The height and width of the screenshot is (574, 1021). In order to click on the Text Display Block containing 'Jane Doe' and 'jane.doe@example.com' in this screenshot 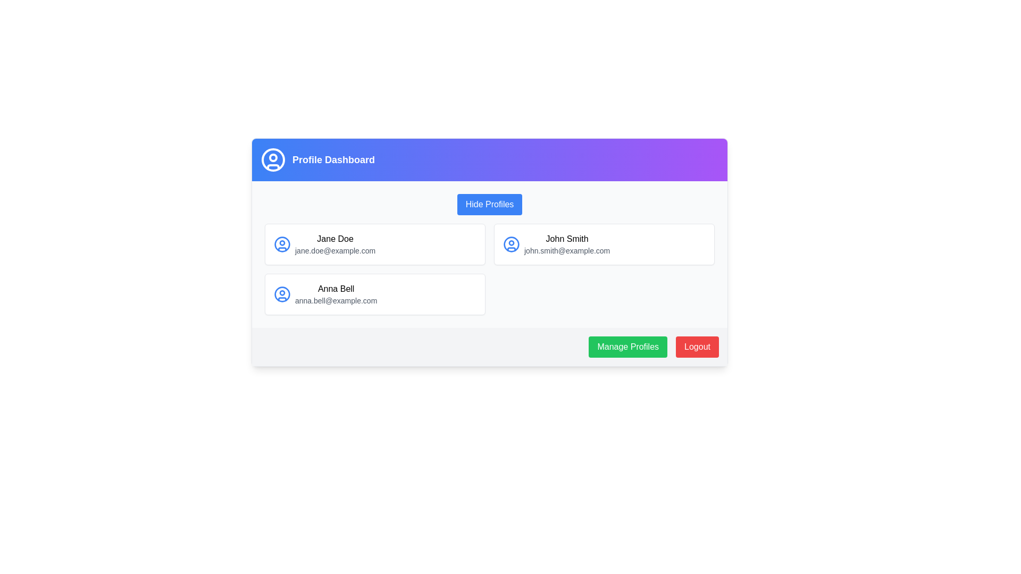, I will do `click(334, 244)`.